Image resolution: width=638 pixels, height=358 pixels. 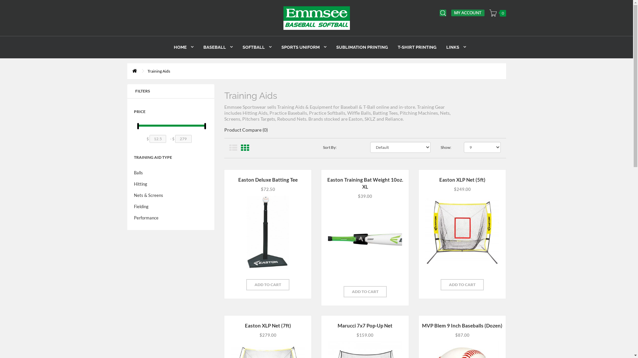 What do you see at coordinates (300, 47) in the screenshot?
I see `'SPORTS UNIFORM'` at bounding box center [300, 47].